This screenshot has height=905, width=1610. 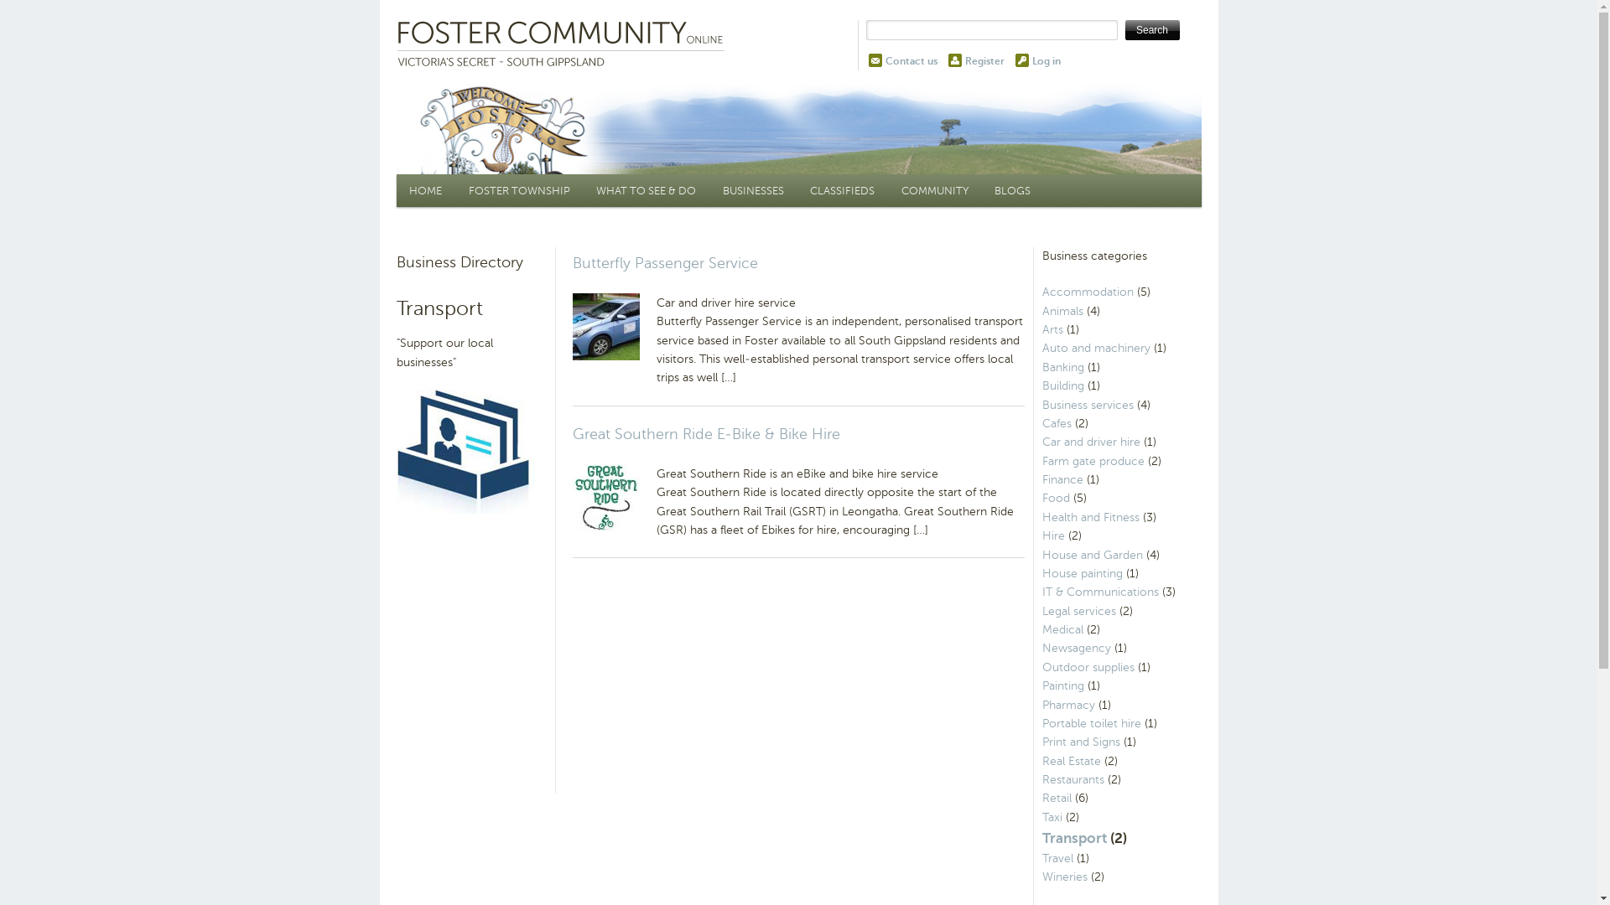 I want to click on 'Auto and machinery', so click(x=1095, y=347).